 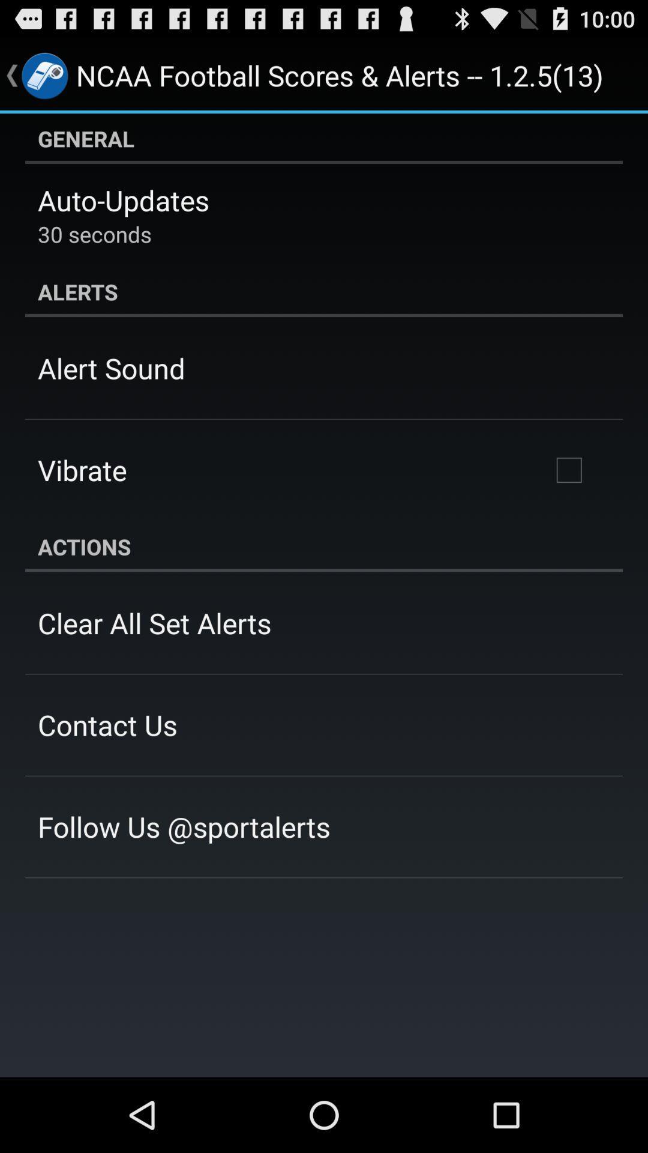 I want to click on app above the vibrate item, so click(x=111, y=368).